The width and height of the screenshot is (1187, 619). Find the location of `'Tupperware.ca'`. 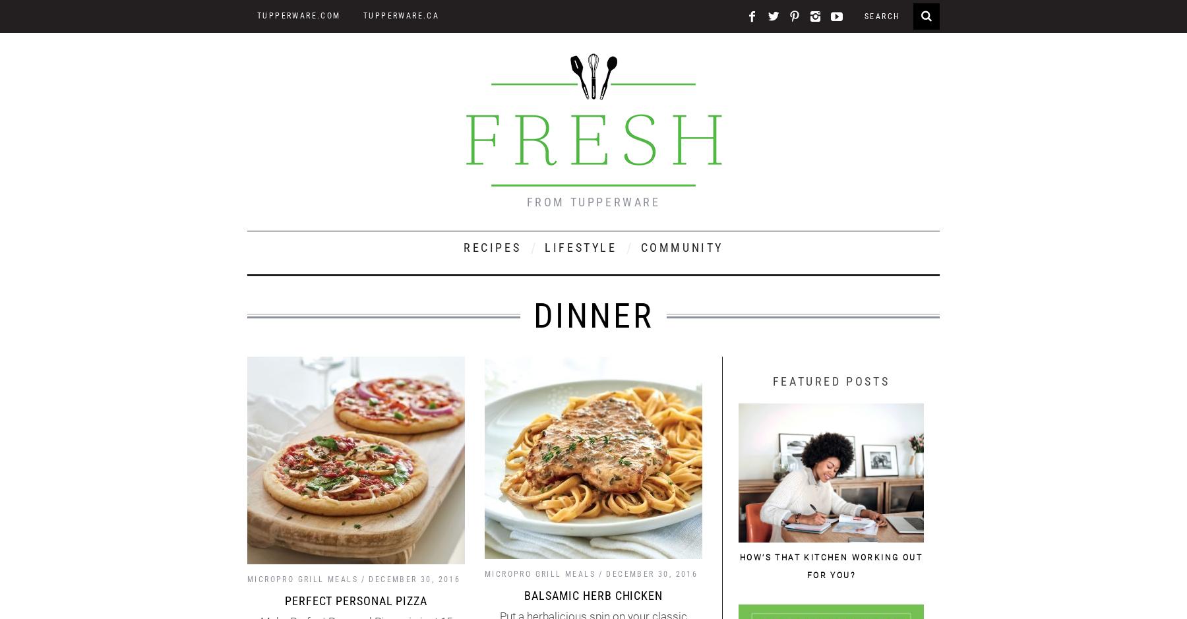

'Tupperware.ca' is located at coordinates (401, 16).